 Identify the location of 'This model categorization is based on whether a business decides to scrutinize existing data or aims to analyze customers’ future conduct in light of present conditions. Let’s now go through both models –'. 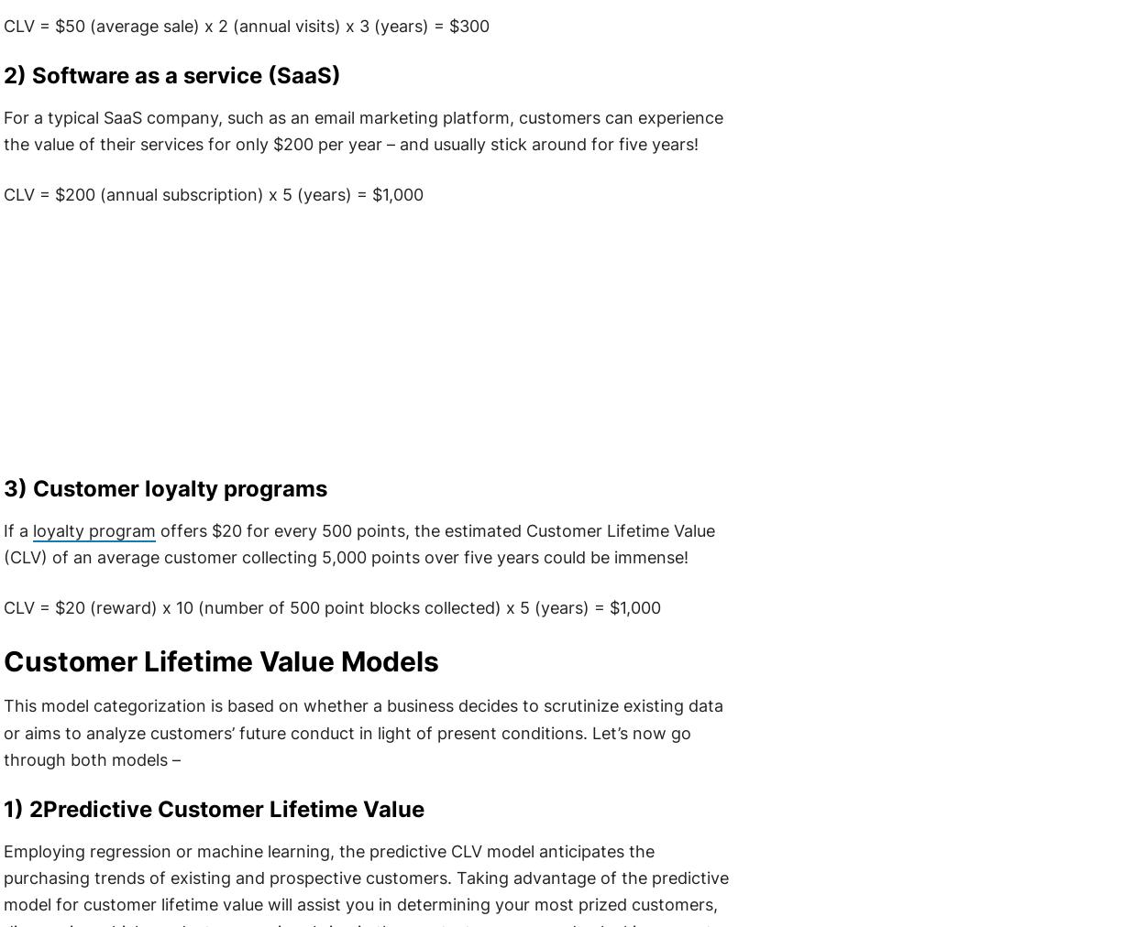
(362, 731).